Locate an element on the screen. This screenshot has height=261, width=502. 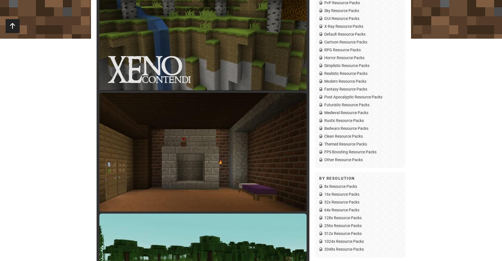
'Fantasy Resource Packs' is located at coordinates (345, 89).